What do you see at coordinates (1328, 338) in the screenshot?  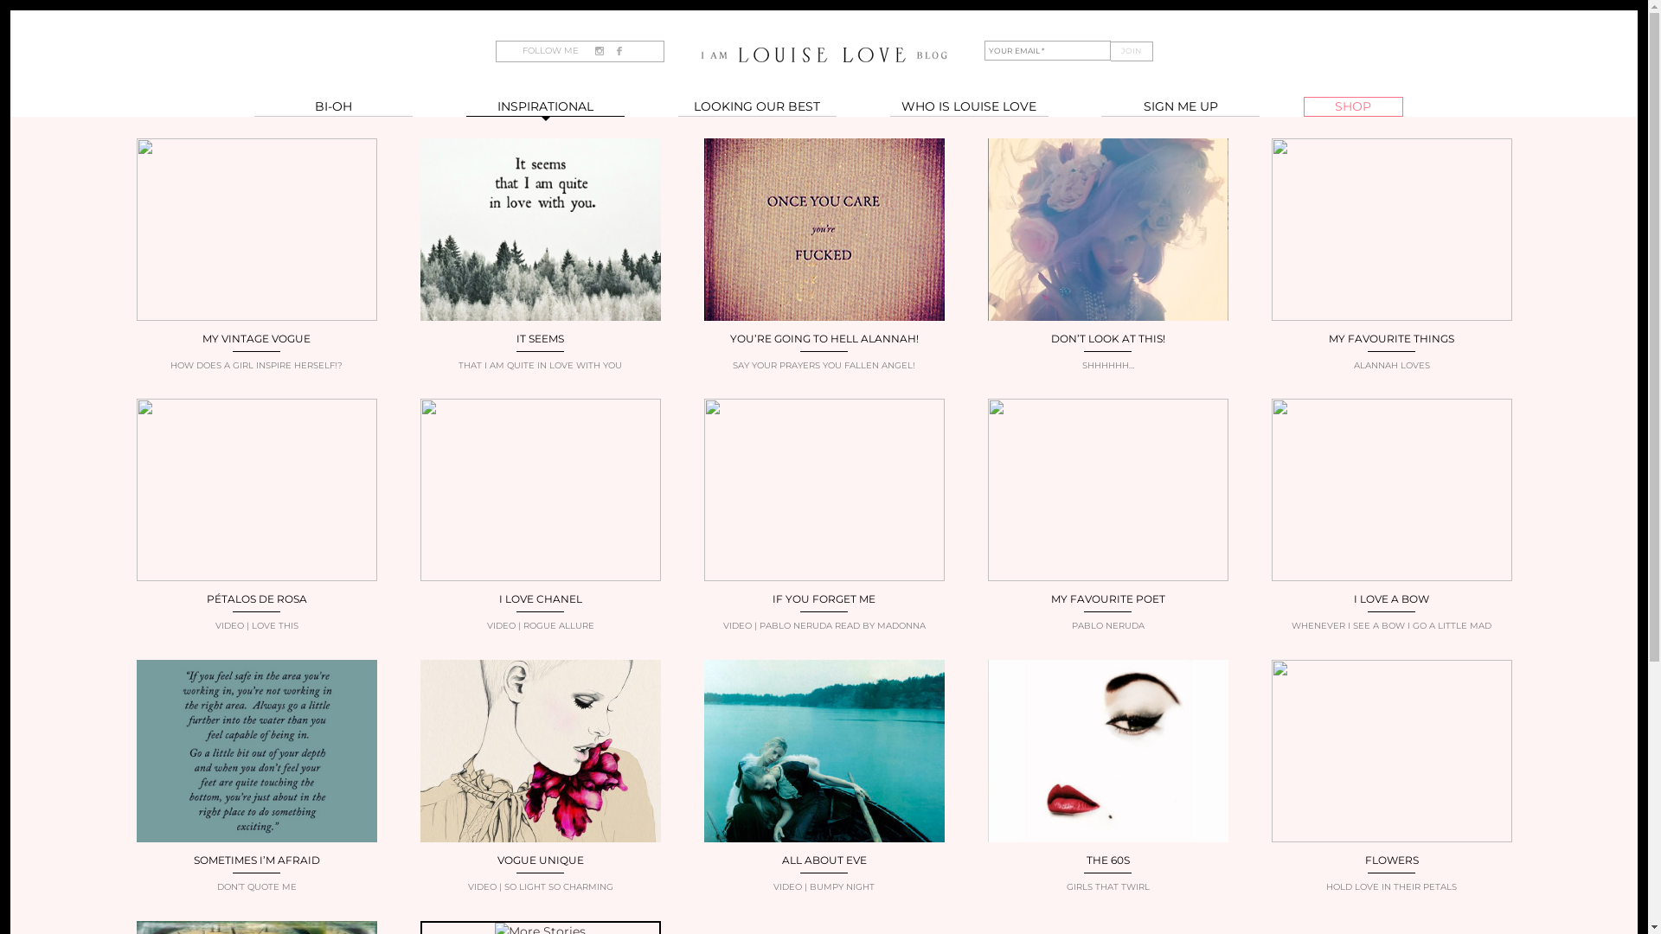 I see `'MY FAVOURITE THINGS'` at bounding box center [1328, 338].